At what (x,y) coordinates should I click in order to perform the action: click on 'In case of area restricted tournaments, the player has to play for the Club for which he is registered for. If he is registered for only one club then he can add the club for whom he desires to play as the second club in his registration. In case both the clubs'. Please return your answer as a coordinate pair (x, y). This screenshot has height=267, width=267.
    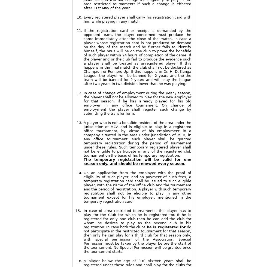
    Looking at the image, I should click on (137, 219).